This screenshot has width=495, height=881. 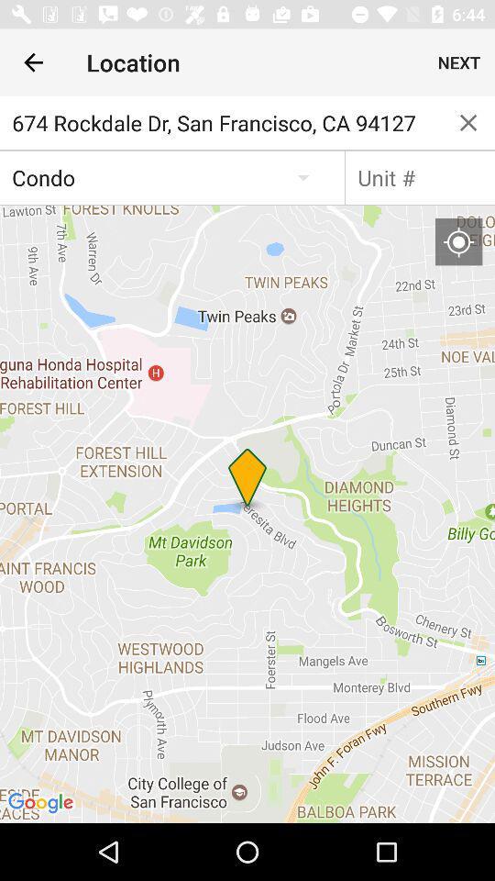 What do you see at coordinates (468, 121) in the screenshot?
I see `the icon to the right of the 674 rockdale dr icon` at bounding box center [468, 121].